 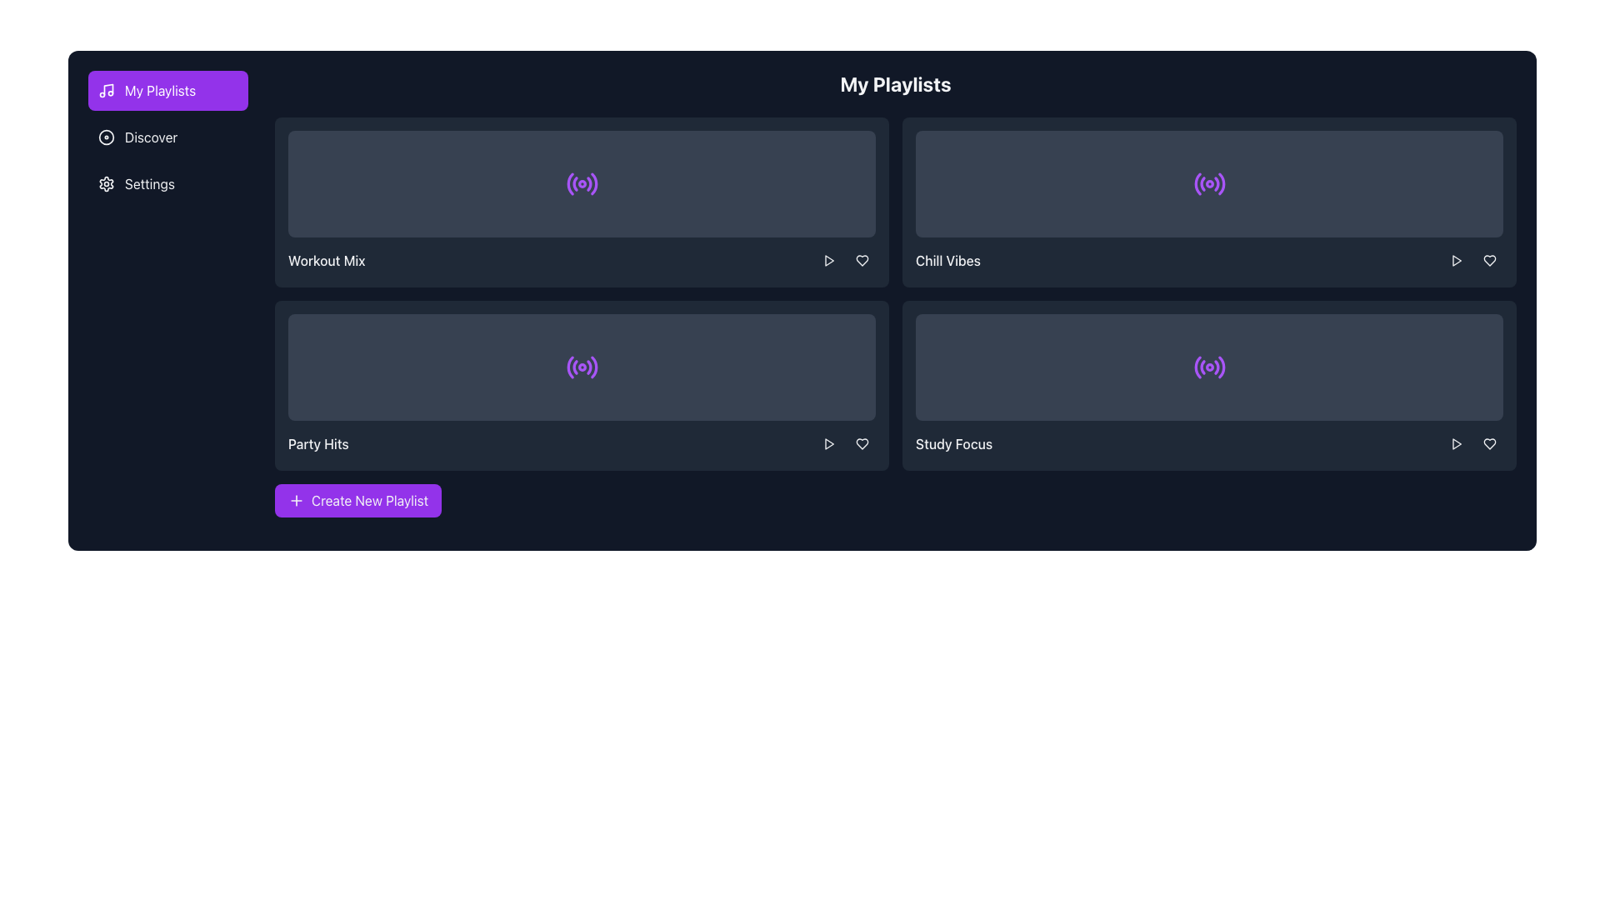 I want to click on the heart button located inside the second playlist card in the bottom row of the playlist grid to mark the playlist as favorite, so click(x=862, y=442).